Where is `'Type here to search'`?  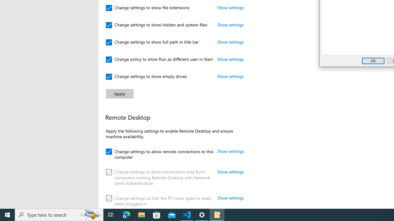 'Type here to search' is located at coordinates (59, 214).